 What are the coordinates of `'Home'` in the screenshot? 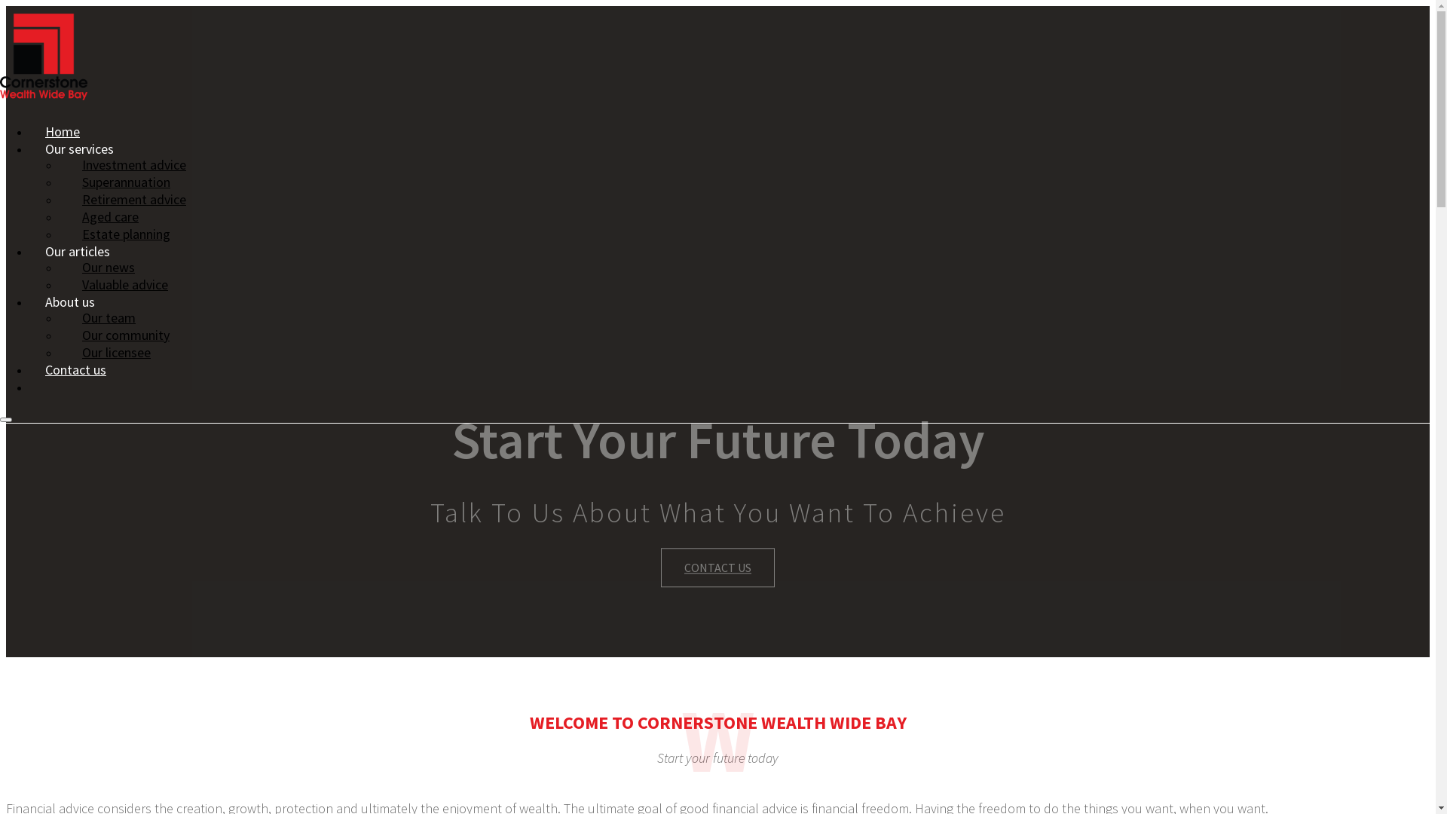 It's located at (61, 130).